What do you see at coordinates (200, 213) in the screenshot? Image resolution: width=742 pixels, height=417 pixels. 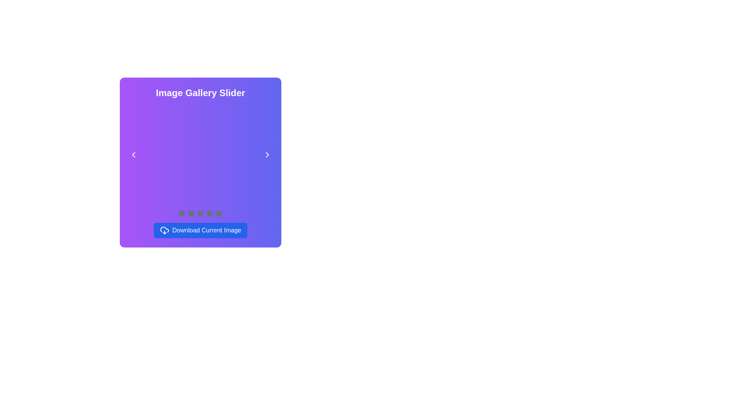 I see `the third circular pagination indicator, which is styled with a gray background and signifies an unselected state in a horizontal row of similar indicators` at bounding box center [200, 213].